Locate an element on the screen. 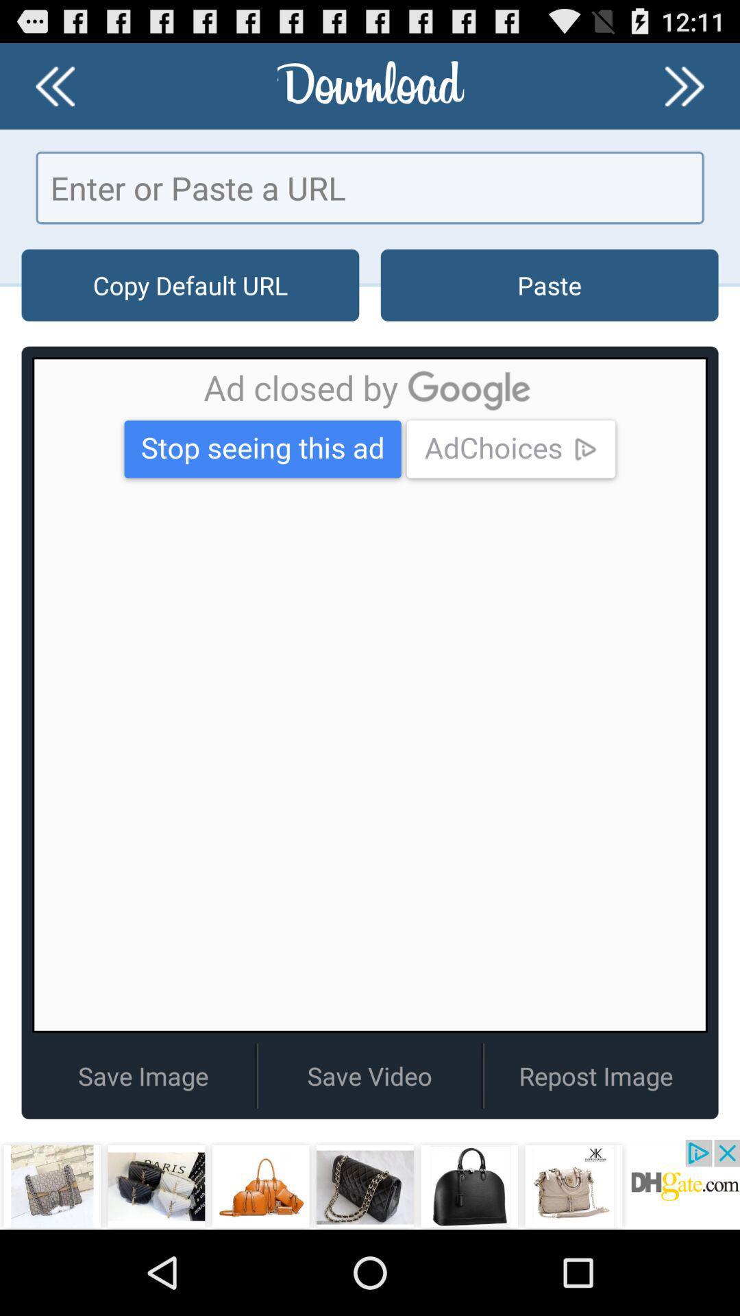 This screenshot has height=1316, width=740. go forward is located at coordinates (684, 85).